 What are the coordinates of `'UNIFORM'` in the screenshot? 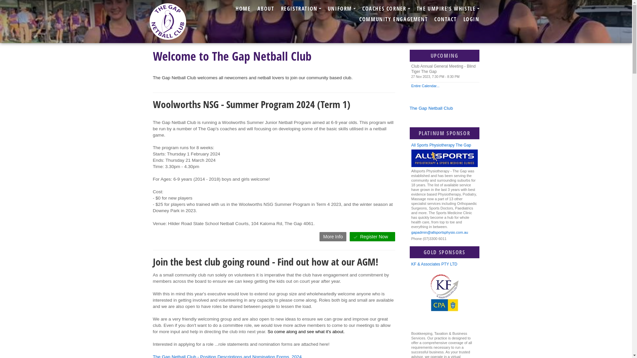 It's located at (342, 9).